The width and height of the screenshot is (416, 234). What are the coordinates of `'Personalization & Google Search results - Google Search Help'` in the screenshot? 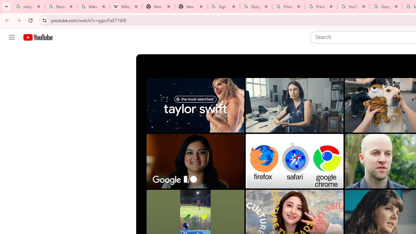 It's located at (61, 6).